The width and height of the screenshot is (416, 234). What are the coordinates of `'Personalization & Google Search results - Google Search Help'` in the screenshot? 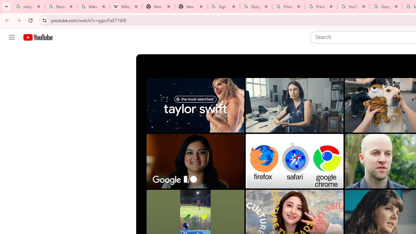 It's located at (61, 6).